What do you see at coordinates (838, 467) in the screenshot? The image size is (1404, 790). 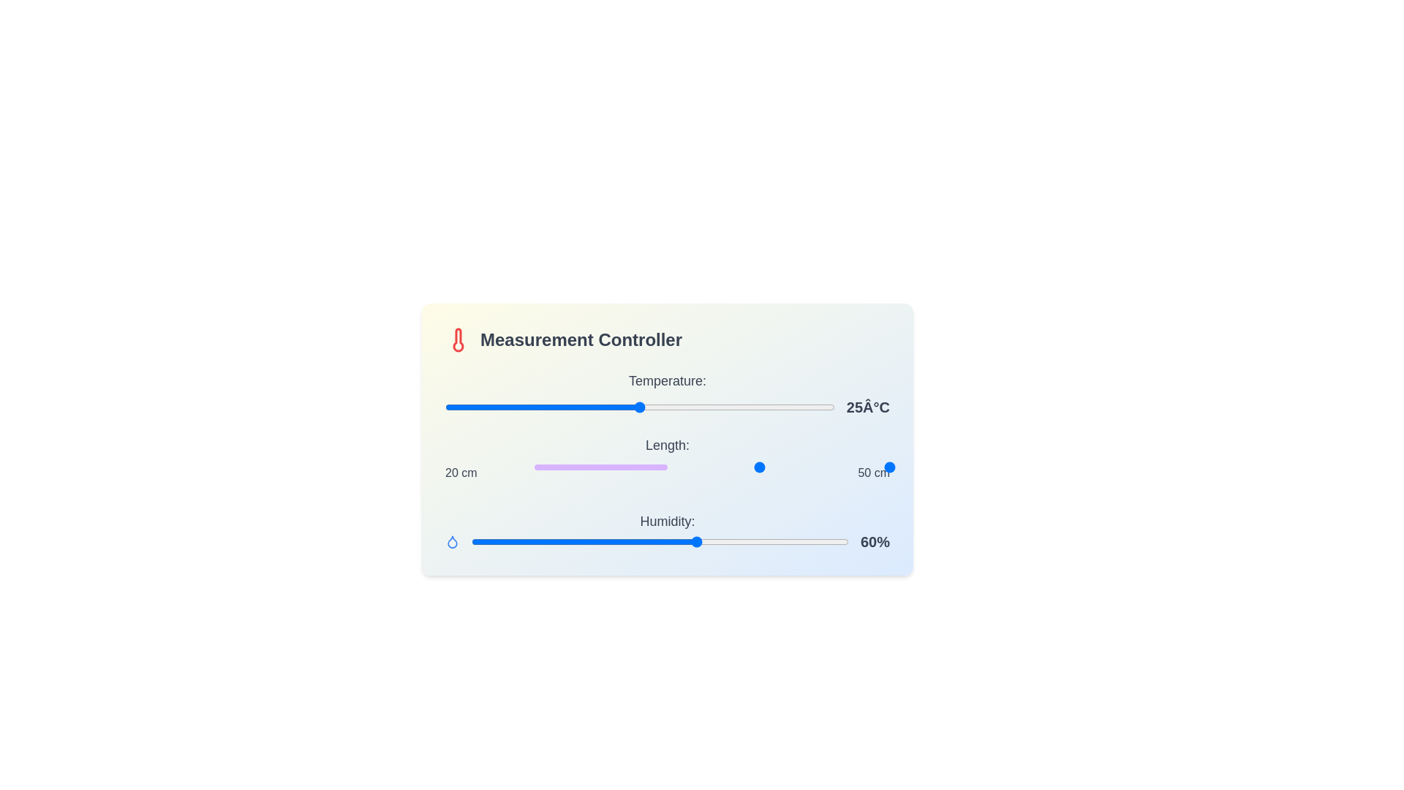 I see `the length` at bounding box center [838, 467].